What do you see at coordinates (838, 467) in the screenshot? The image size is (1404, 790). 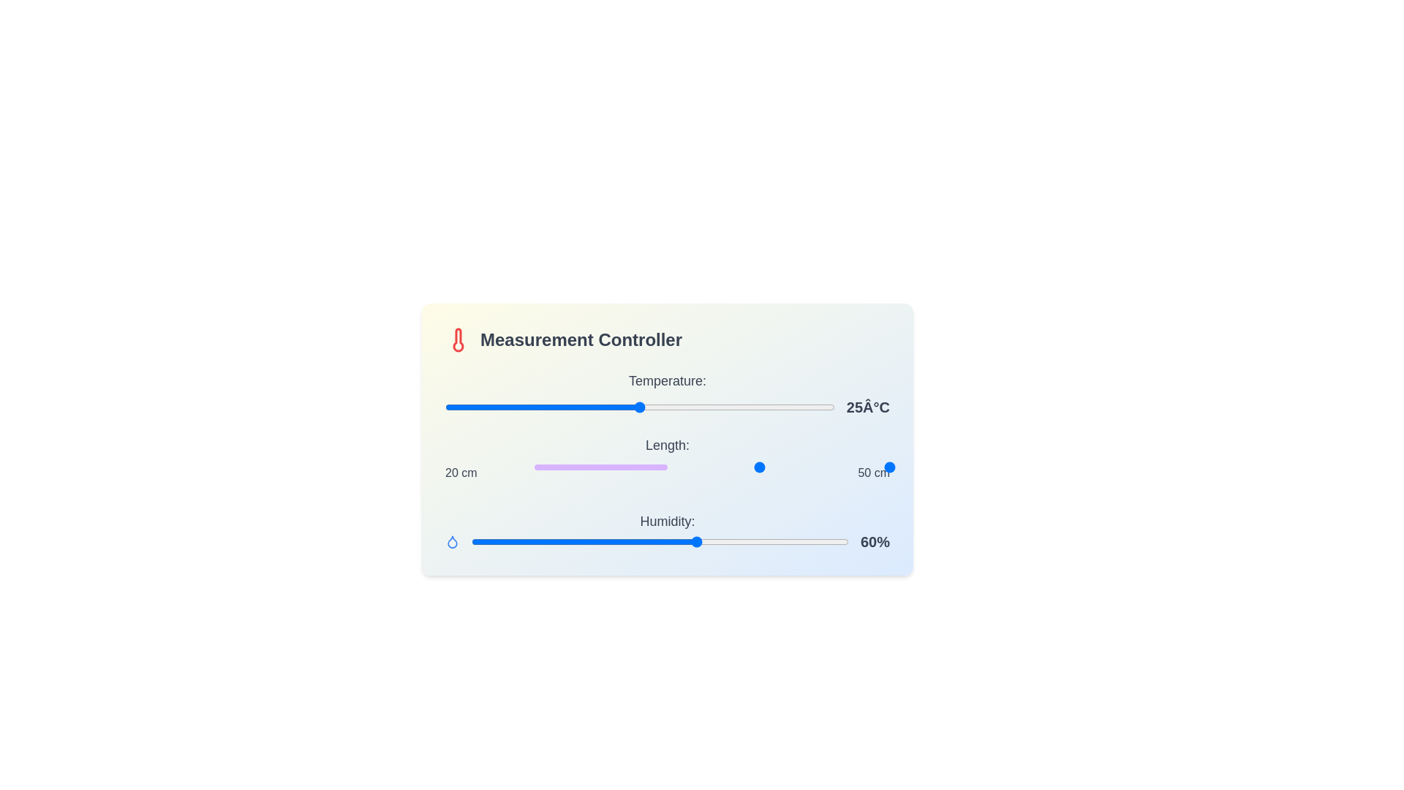 I see `the length` at bounding box center [838, 467].